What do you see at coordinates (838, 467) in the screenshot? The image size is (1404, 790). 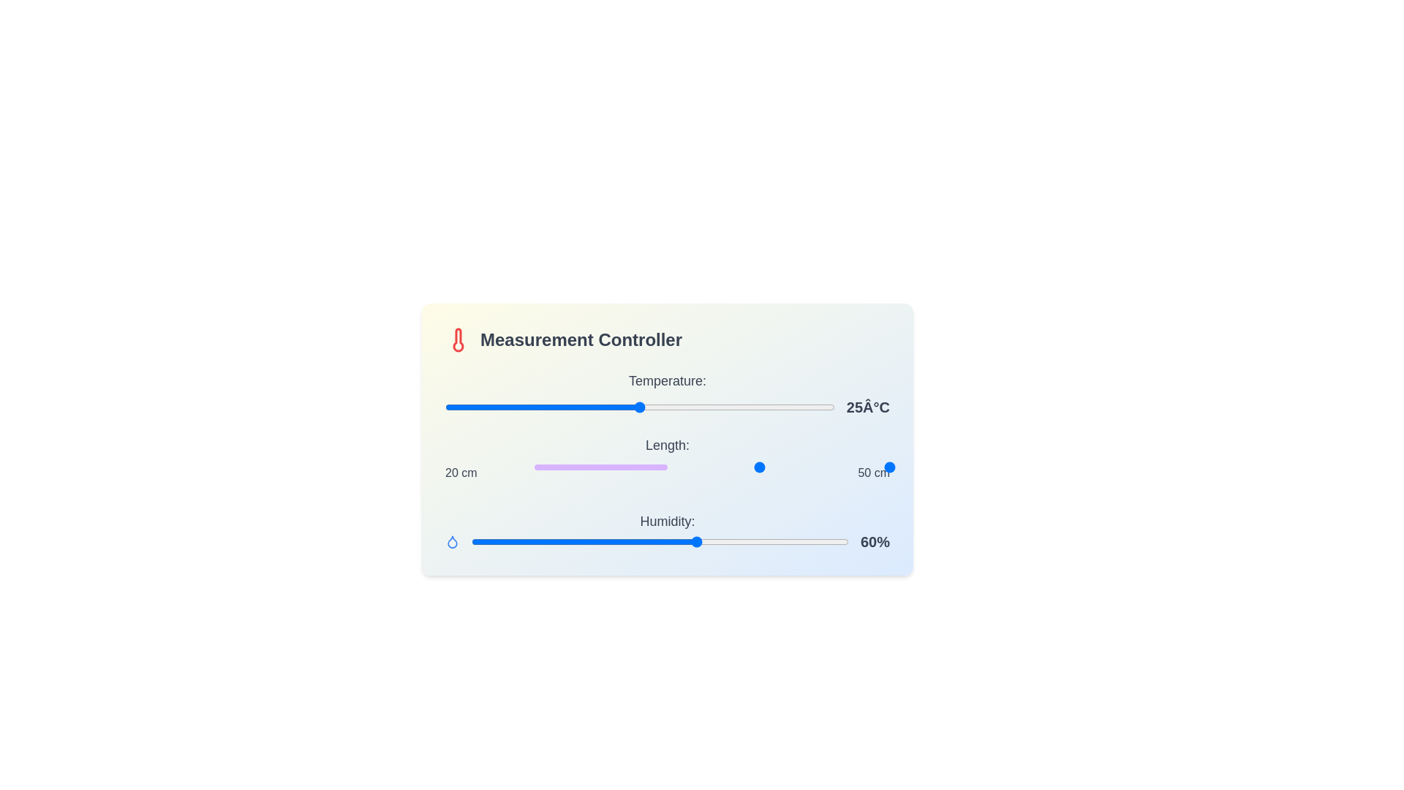 I see `the length` at bounding box center [838, 467].